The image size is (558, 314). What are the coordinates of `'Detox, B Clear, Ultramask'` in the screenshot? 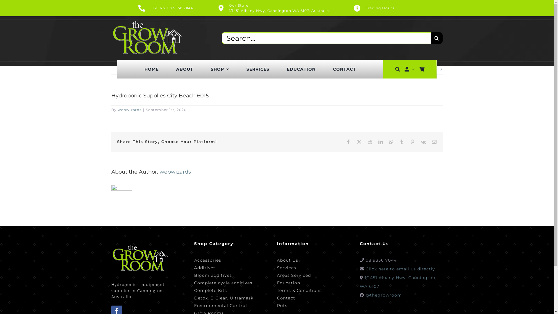 It's located at (223, 297).